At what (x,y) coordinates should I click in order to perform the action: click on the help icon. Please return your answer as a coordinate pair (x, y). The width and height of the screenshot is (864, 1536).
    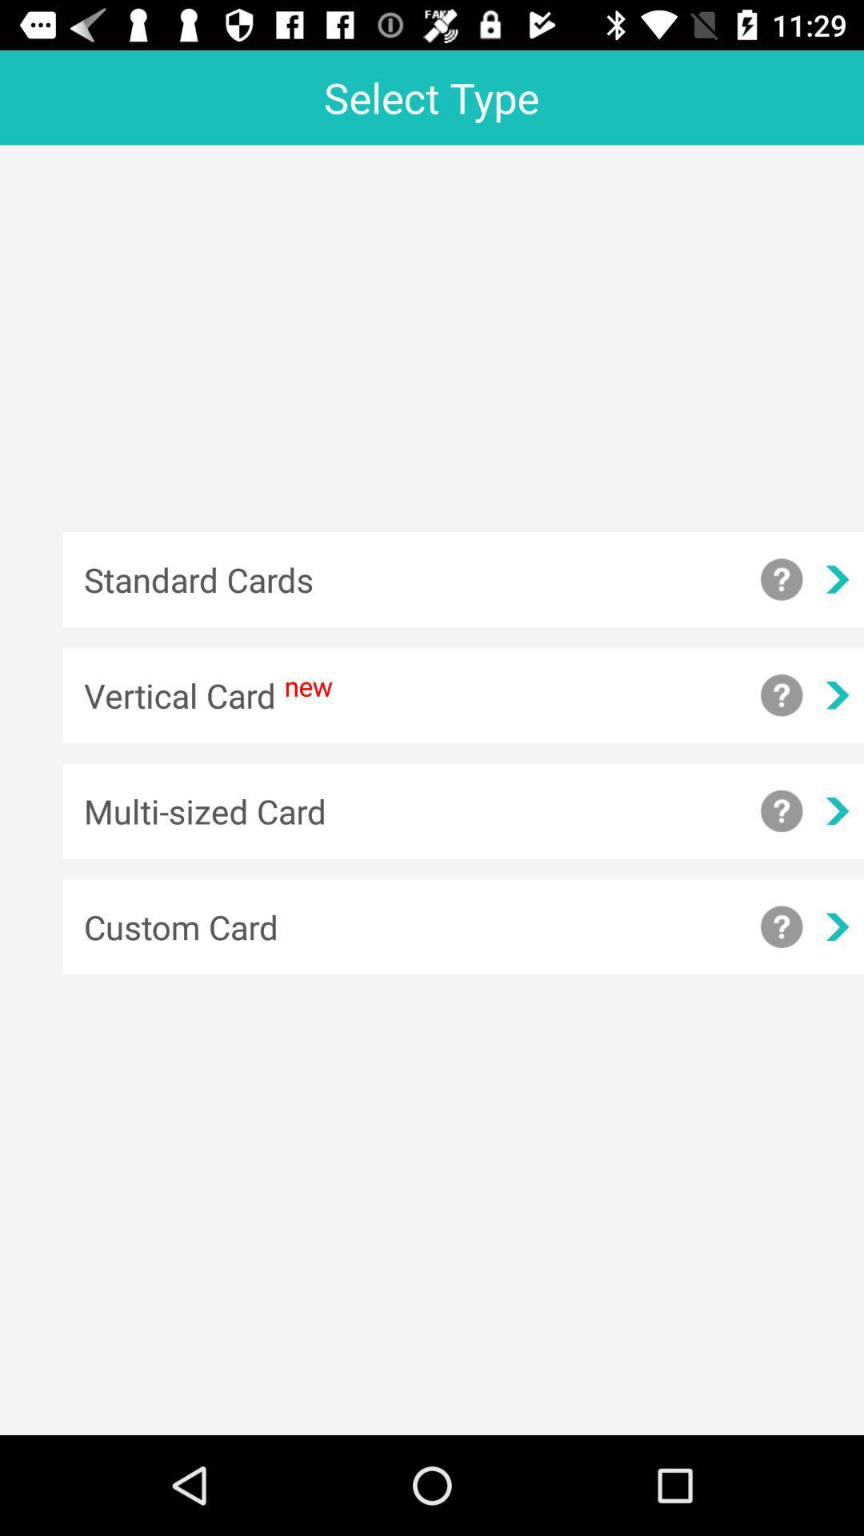
    Looking at the image, I should click on (781, 810).